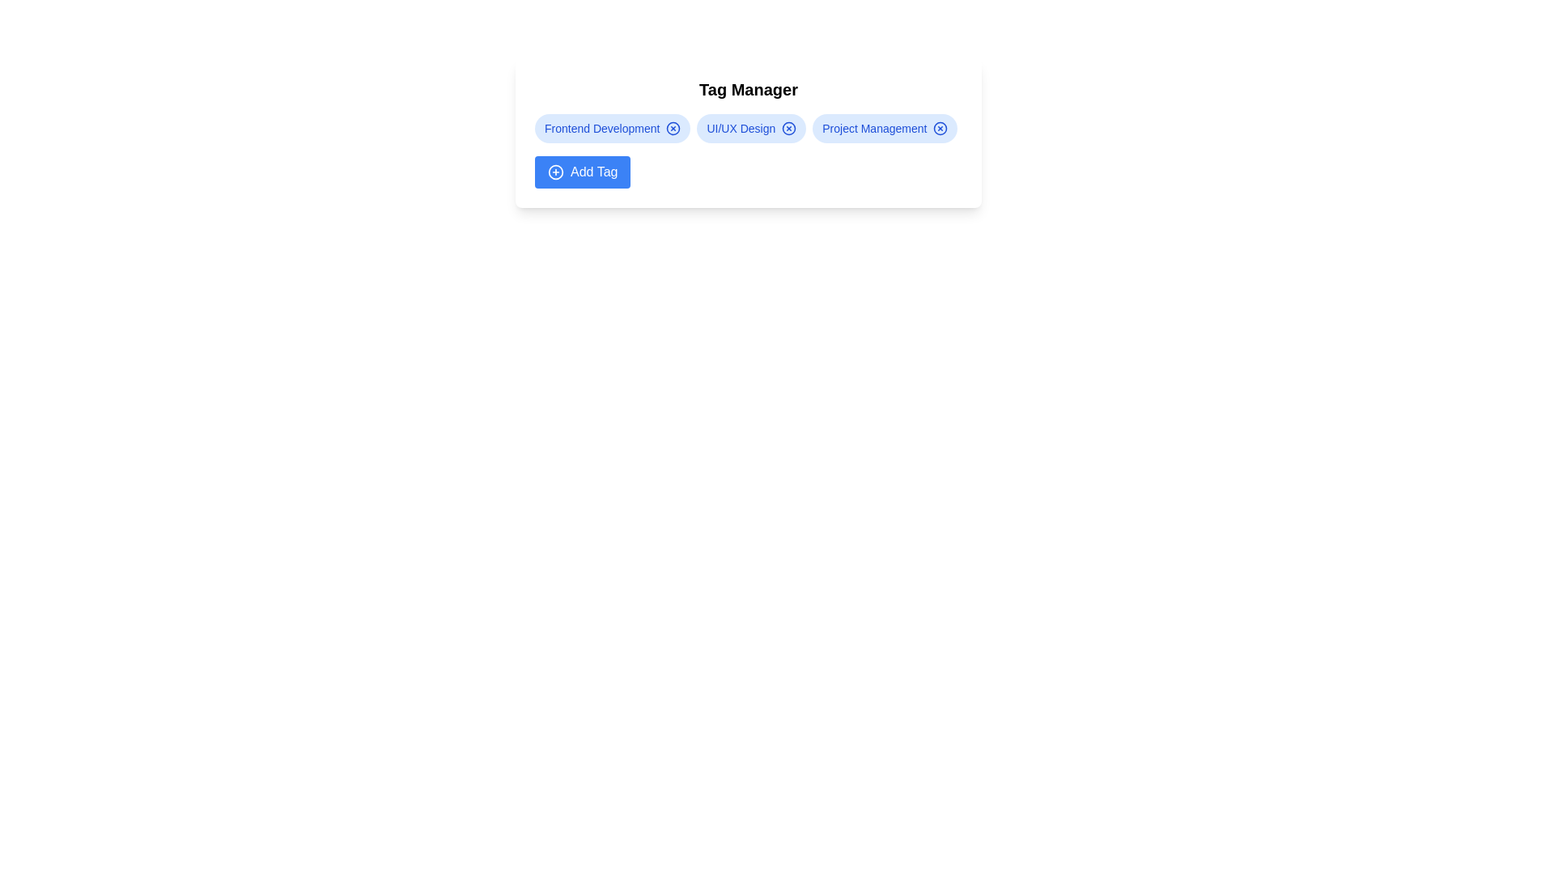 The height and width of the screenshot is (874, 1554). What do you see at coordinates (583, 172) in the screenshot?
I see `'Add Tag' button to add a new tag` at bounding box center [583, 172].